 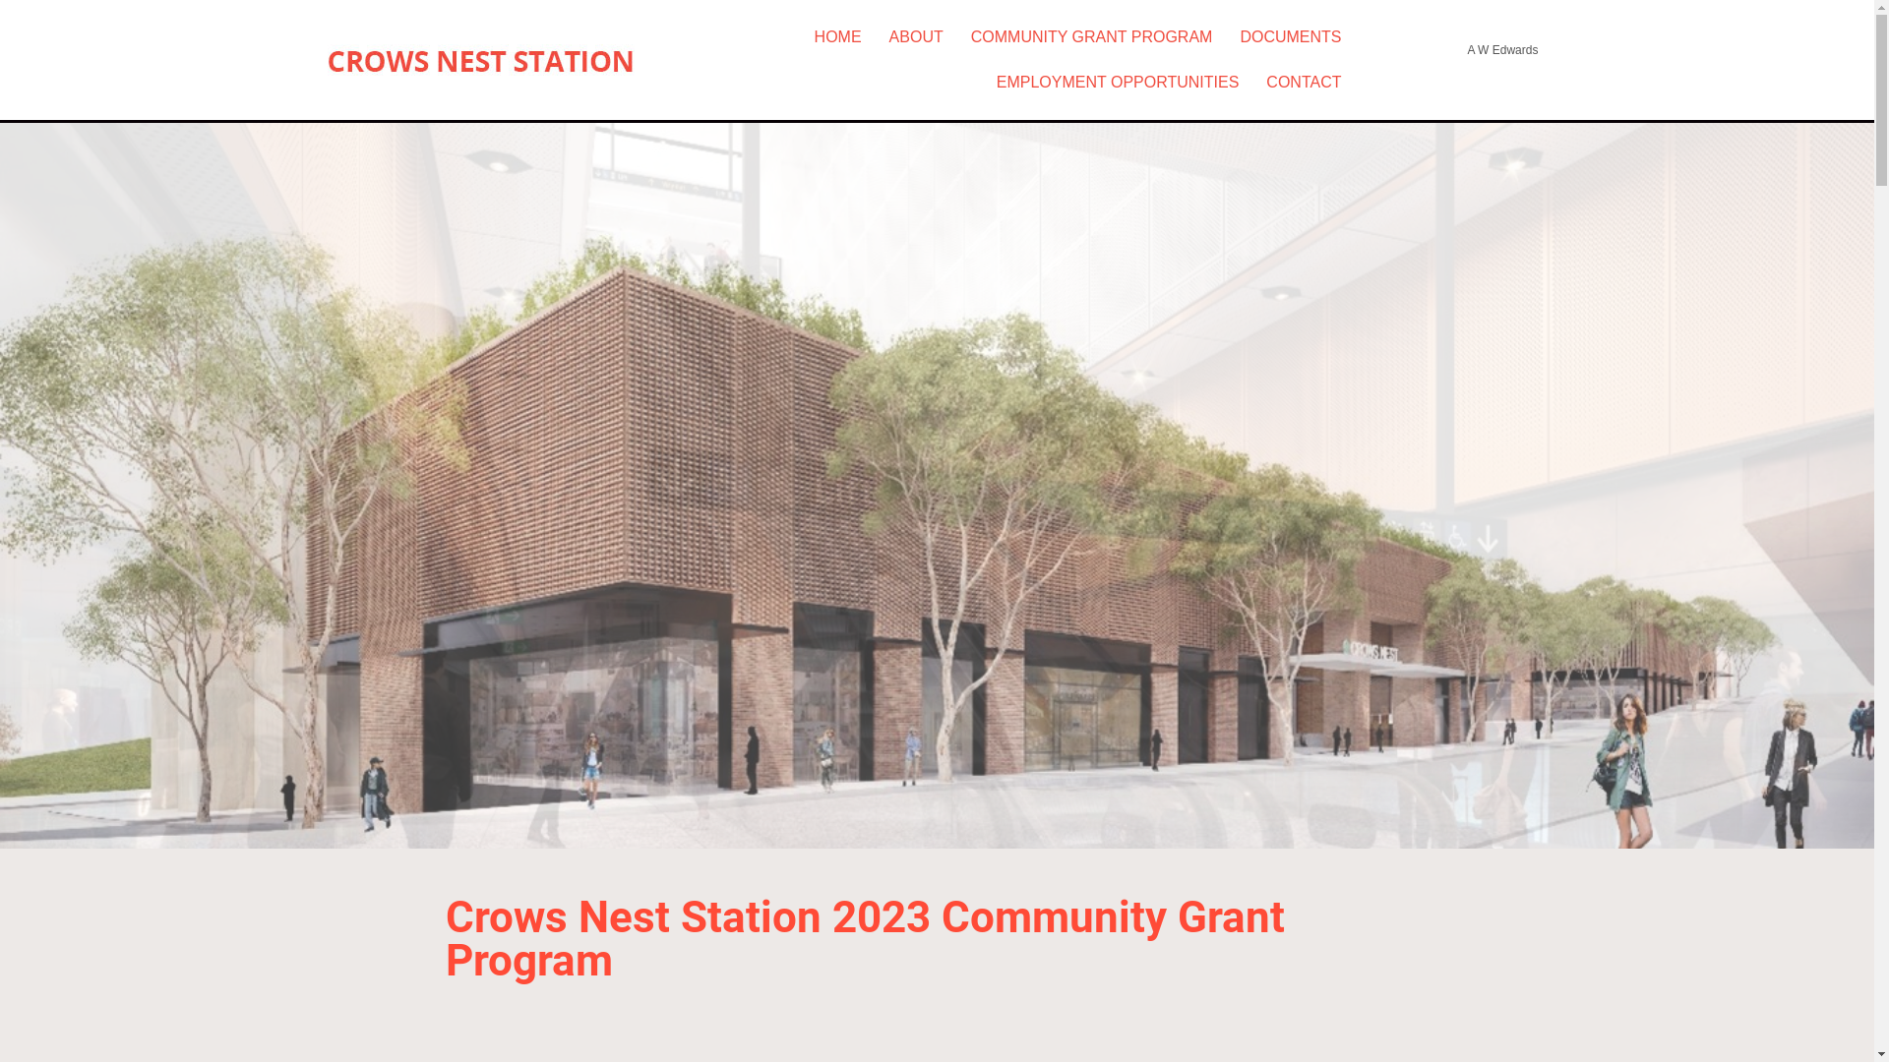 What do you see at coordinates (1250, 82) in the screenshot?
I see `'CONTACT'` at bounding box center [1250, 82].